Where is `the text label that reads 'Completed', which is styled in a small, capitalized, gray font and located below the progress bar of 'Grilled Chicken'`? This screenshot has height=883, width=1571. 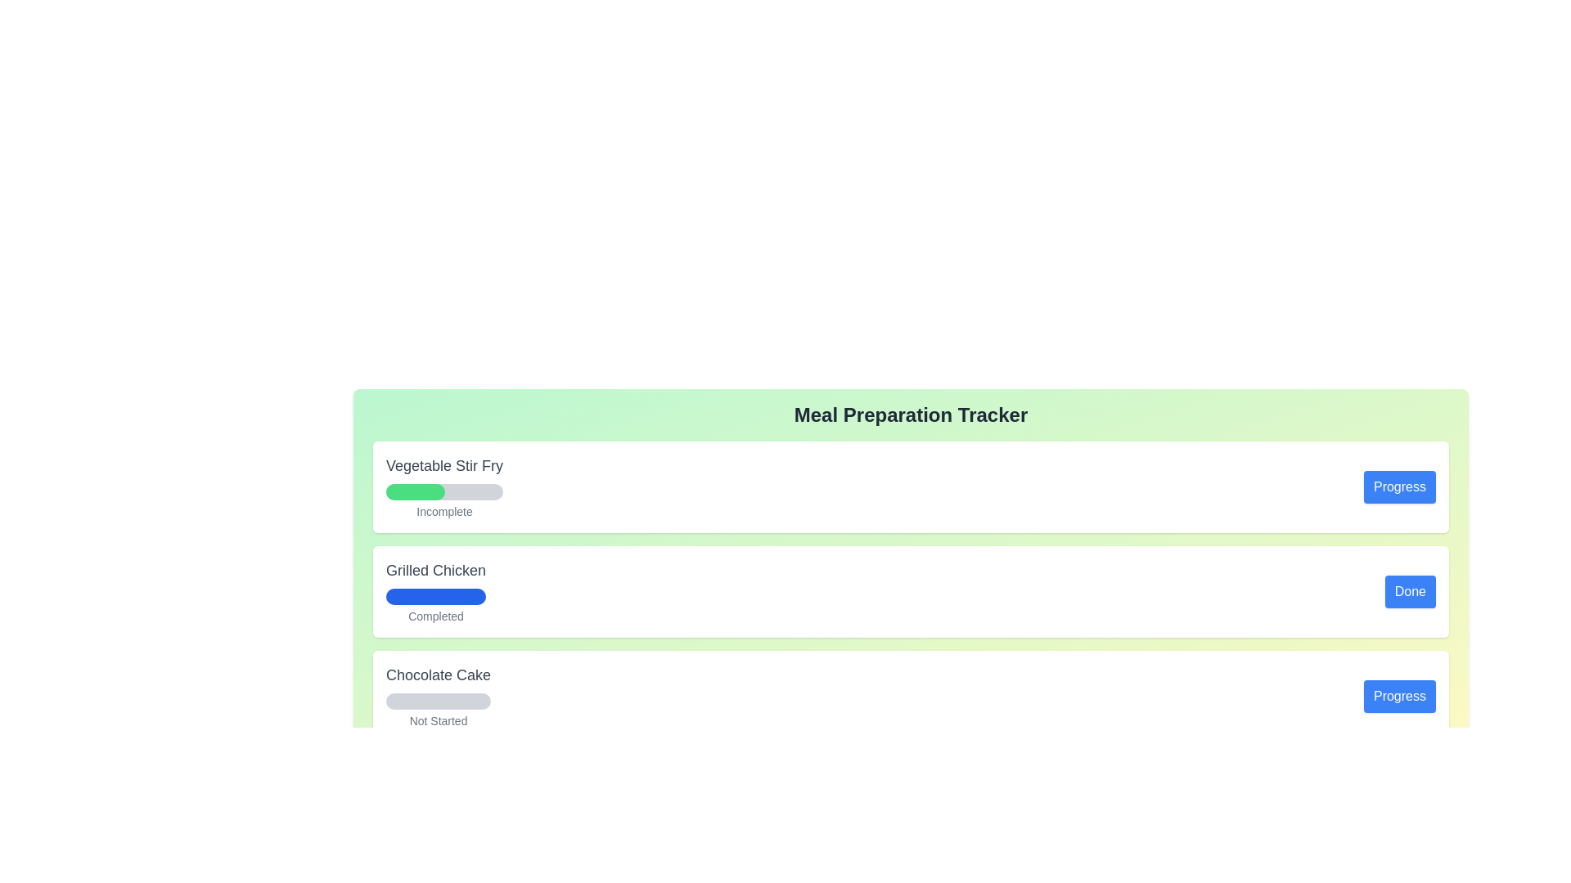 the text label that reads 'Completed', which is styled in a small, capitalized, gray font and located below the progress bar of 'Grilled Chicken' is located at coordinates (435, 616).